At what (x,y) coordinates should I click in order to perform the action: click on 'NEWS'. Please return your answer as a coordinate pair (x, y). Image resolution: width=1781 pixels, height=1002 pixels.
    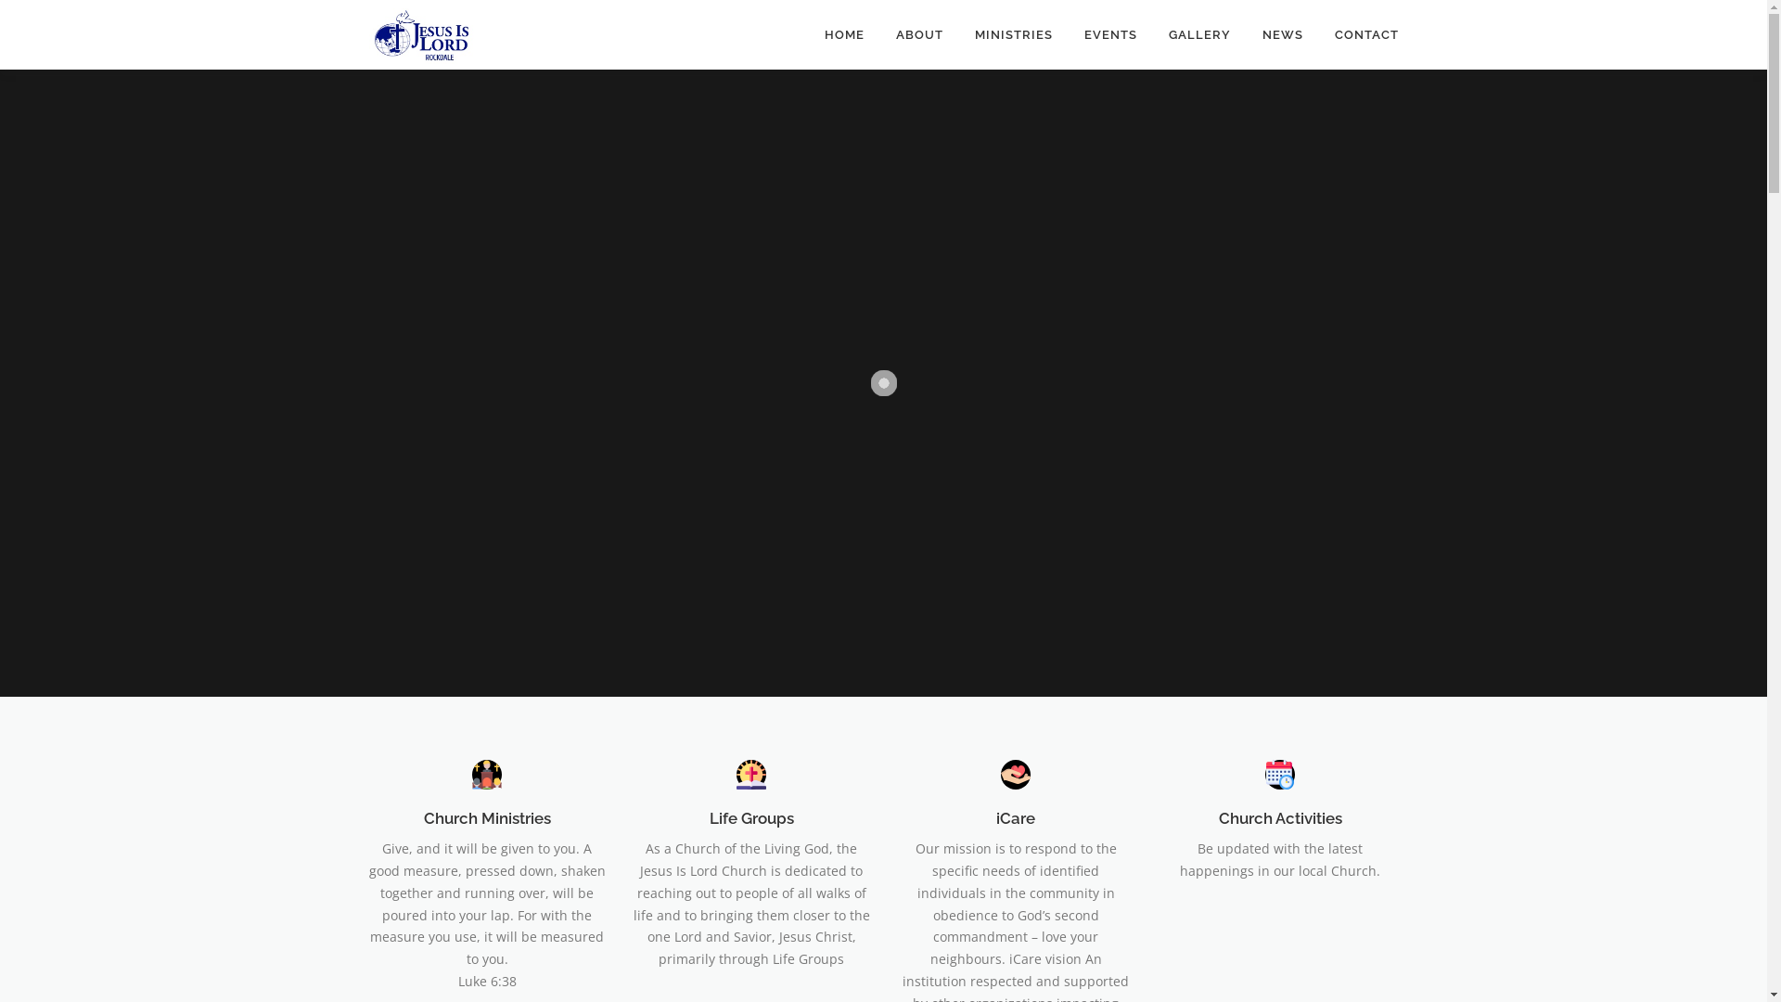
    Looking at the image, I should click on (1281, 34).